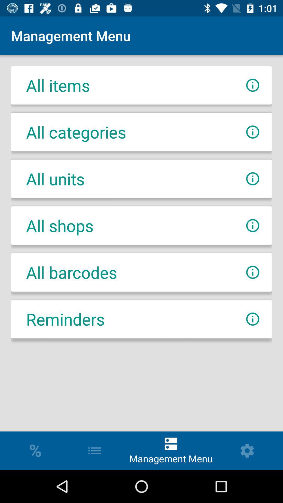 Image resolution: width=283 pixels, height=503 pixels. What do you see at coordinates (252, 272) in the screenshot?
I see `more info` at bounding box center [252, 272].